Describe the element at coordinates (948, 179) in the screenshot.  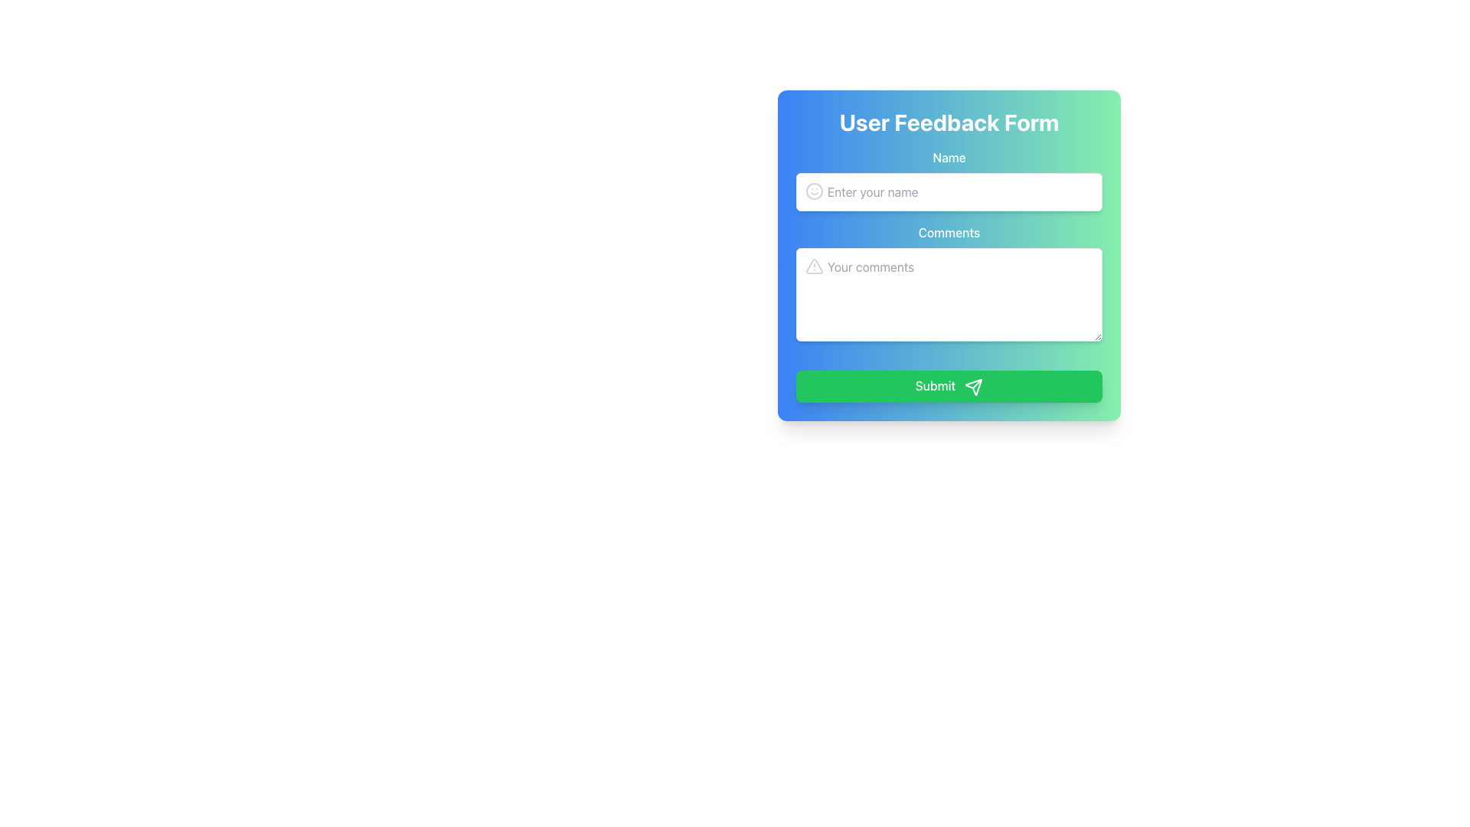
I see `the 'Name' label of the text input field to focus the input box for entering the user's name in the feedback form` at that location.